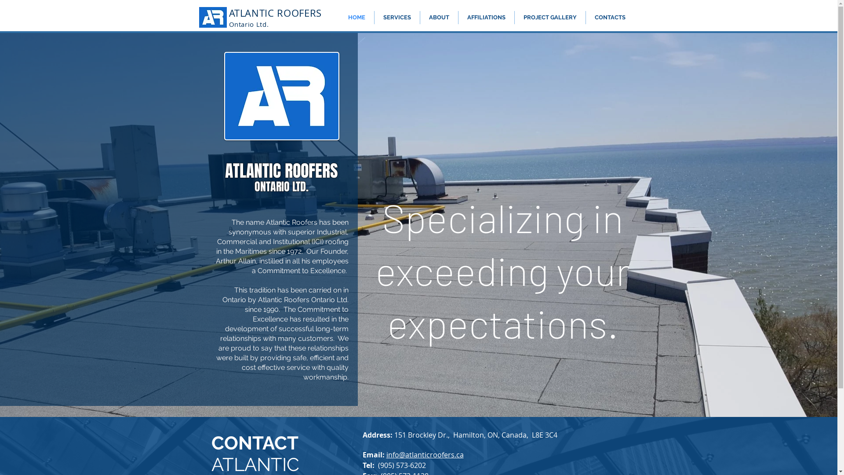 The height and width of the screenshot is (475, 844). Describe the element at coordinates (485, 17) in the screenshot. I see `'AFFILIATIONS'` at that location.